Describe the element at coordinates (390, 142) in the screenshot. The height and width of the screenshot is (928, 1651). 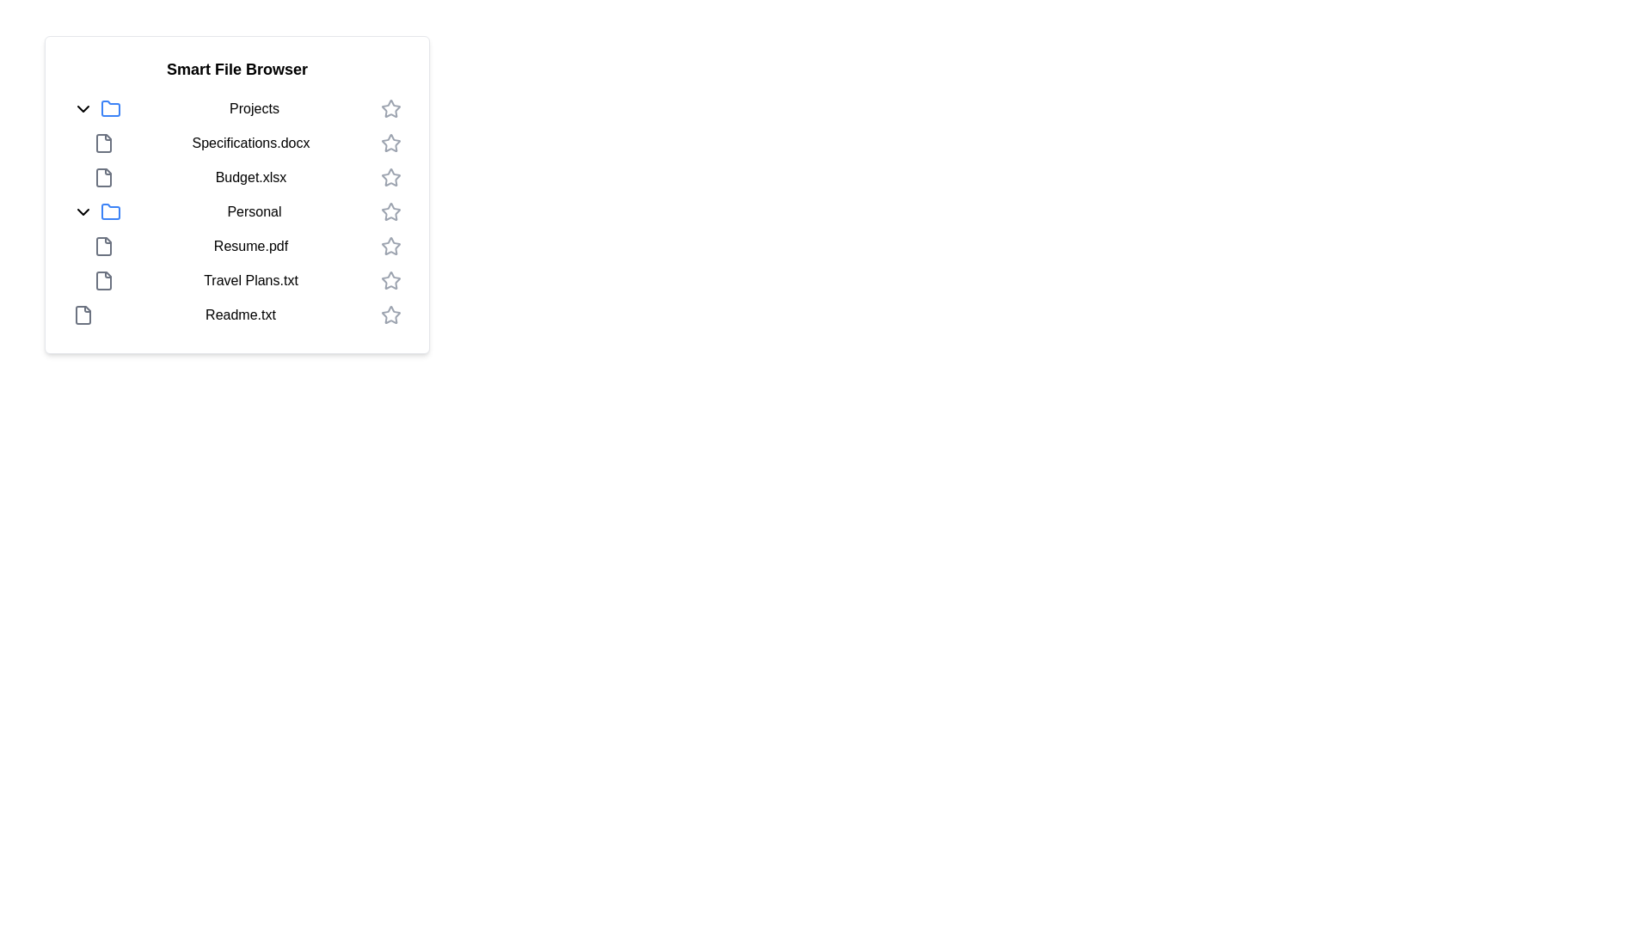
I see `the second star icon in the vertical column to the right of 'Specifications.docx'` at that location.